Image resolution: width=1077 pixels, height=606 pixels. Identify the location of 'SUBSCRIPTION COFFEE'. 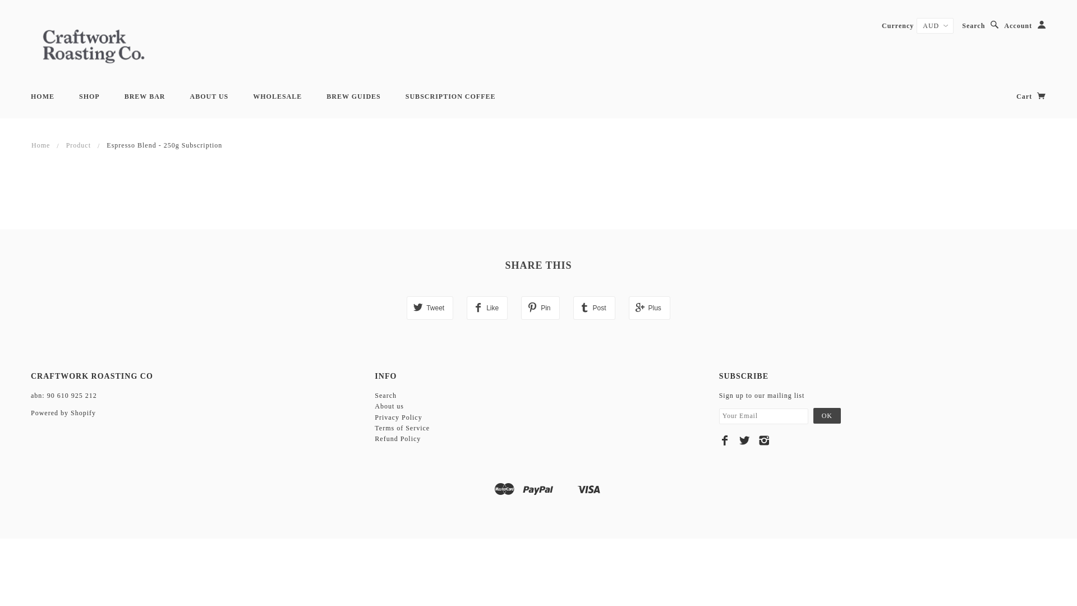
(450, 96).